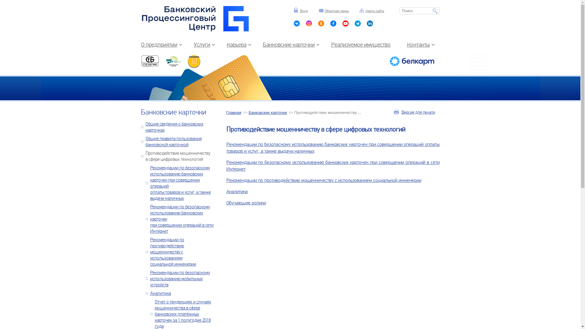  What do you see at coordinates (358, 24) in the screenshot?
I see `'Facebook'` at bounding box center [358, 24].